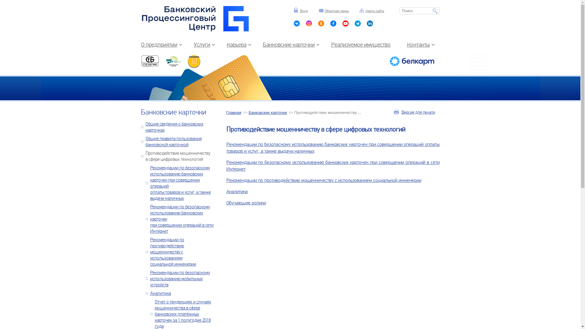  What do you see at coordinates (358, 24) in the screenshot?
I see `'Facebook'` at bounding box center [358, 24].